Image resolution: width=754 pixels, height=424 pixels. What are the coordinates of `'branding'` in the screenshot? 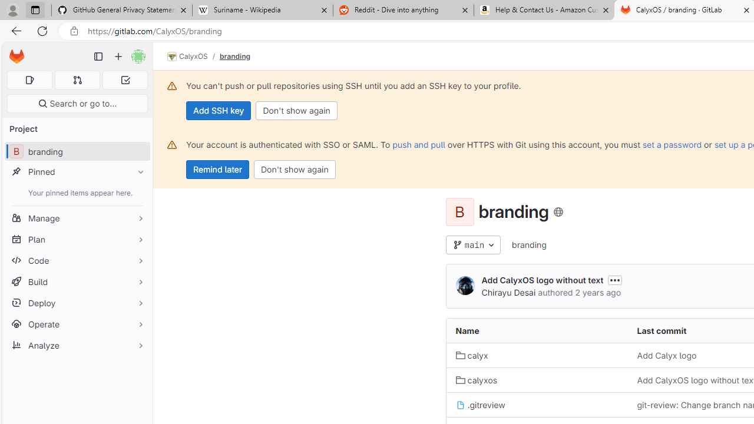 It's located at (528, 244).